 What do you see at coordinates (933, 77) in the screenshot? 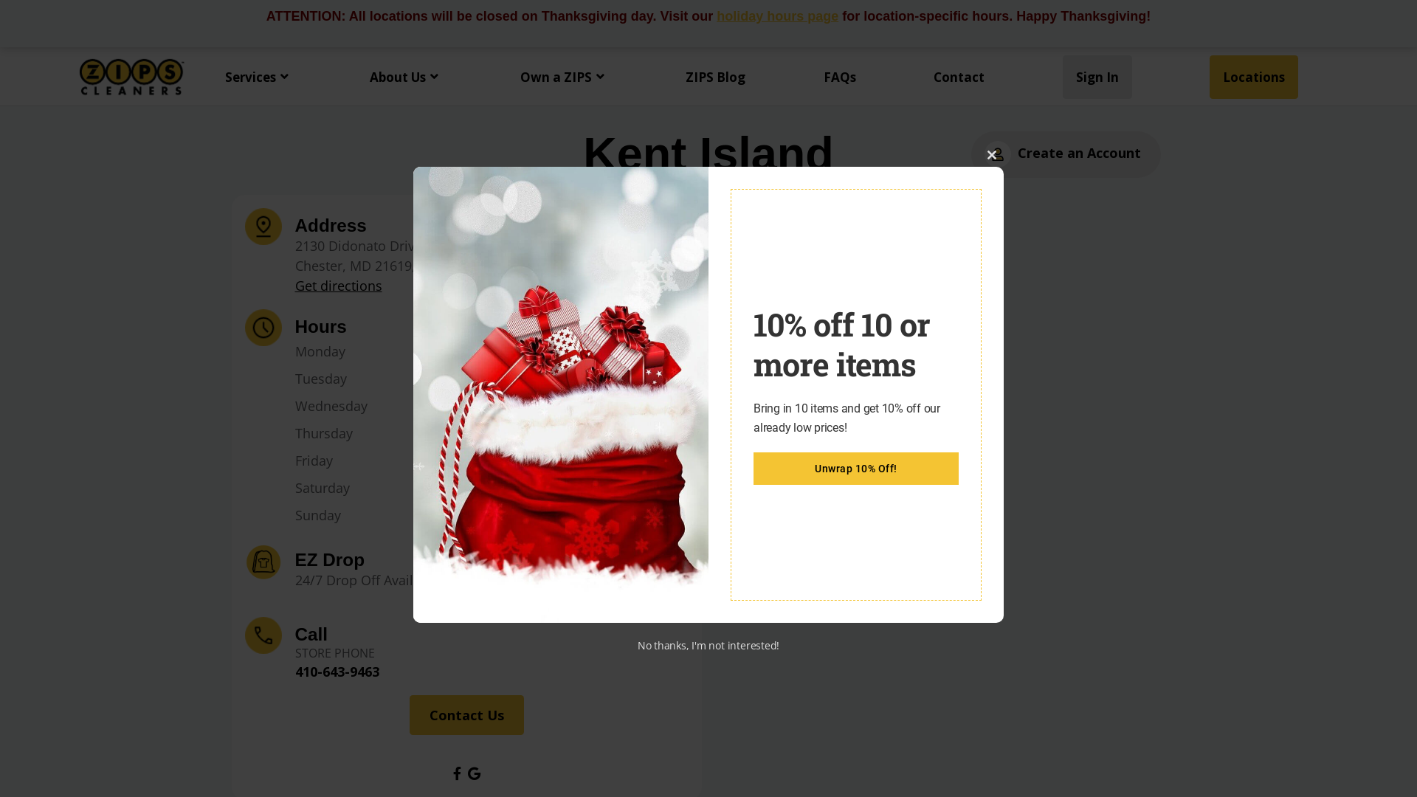
I see `'Contact'` at bounding box center [933, 77].